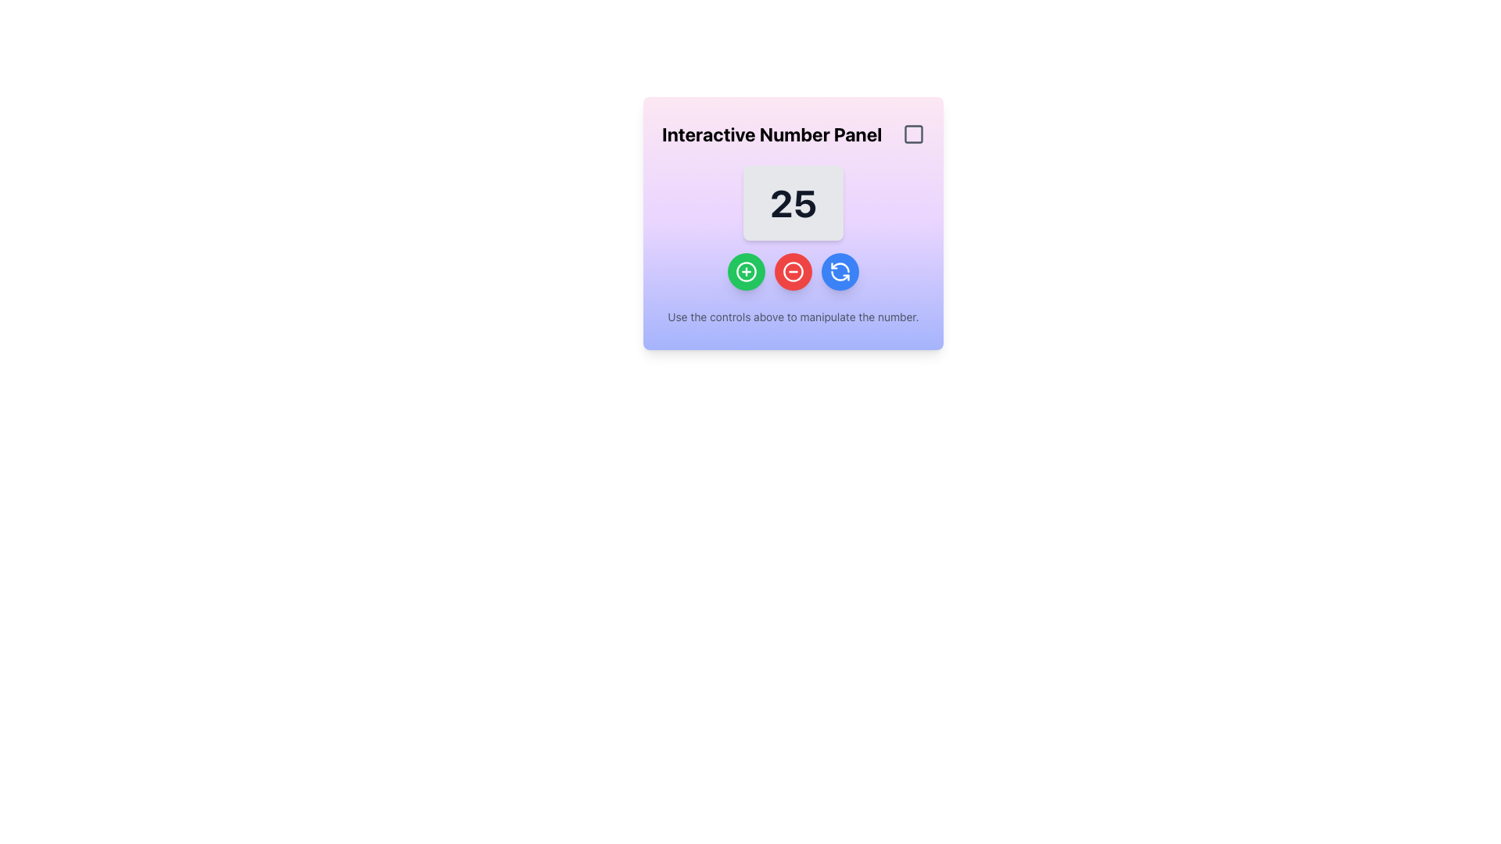  What do you see at coordinates (793, 316) in the screenshot?
I see `the static informative text element that provides guidance to users, located directly below the row of three action buttons` at bounding box center [793, 316].